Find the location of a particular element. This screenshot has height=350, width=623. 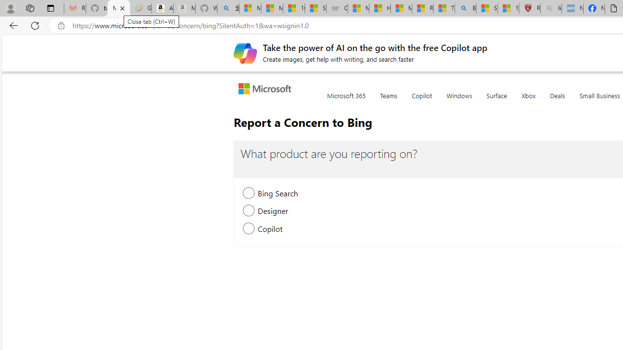

'Teams' is located at coordinates (388, 101).